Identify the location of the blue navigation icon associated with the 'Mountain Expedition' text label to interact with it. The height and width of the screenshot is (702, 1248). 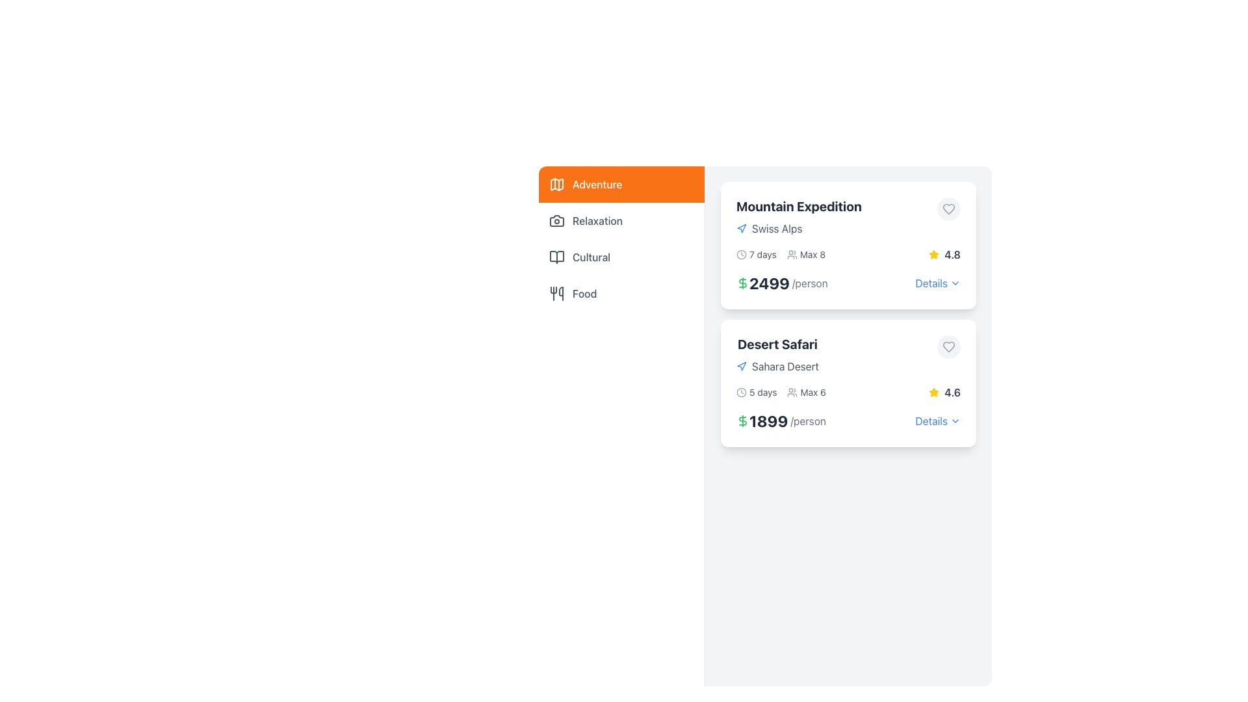
(798, 227).